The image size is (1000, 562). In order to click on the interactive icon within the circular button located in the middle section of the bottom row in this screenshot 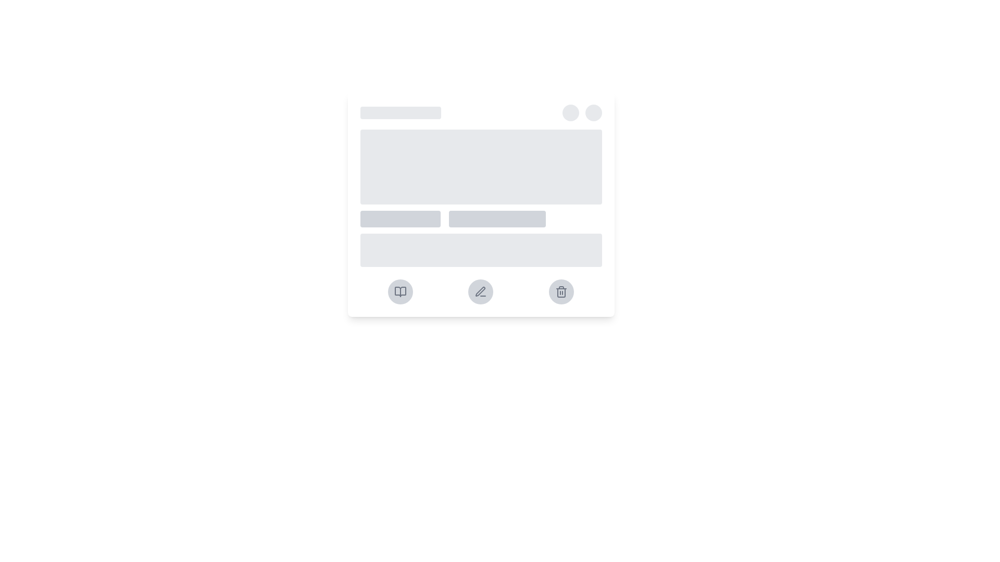, I will do `click(480, 291)`.